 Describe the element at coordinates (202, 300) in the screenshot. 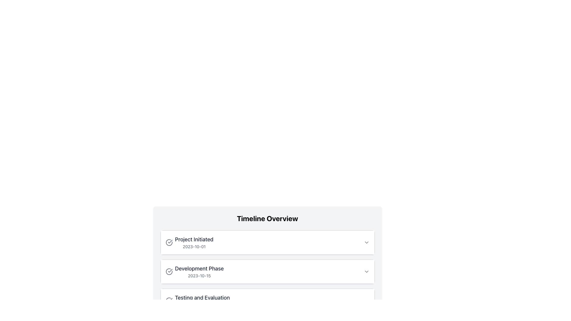

I see `text content of the third item in the vertical timeline list, which displays 'Testing and Evaluation' and '2023-11-01'` at that location.